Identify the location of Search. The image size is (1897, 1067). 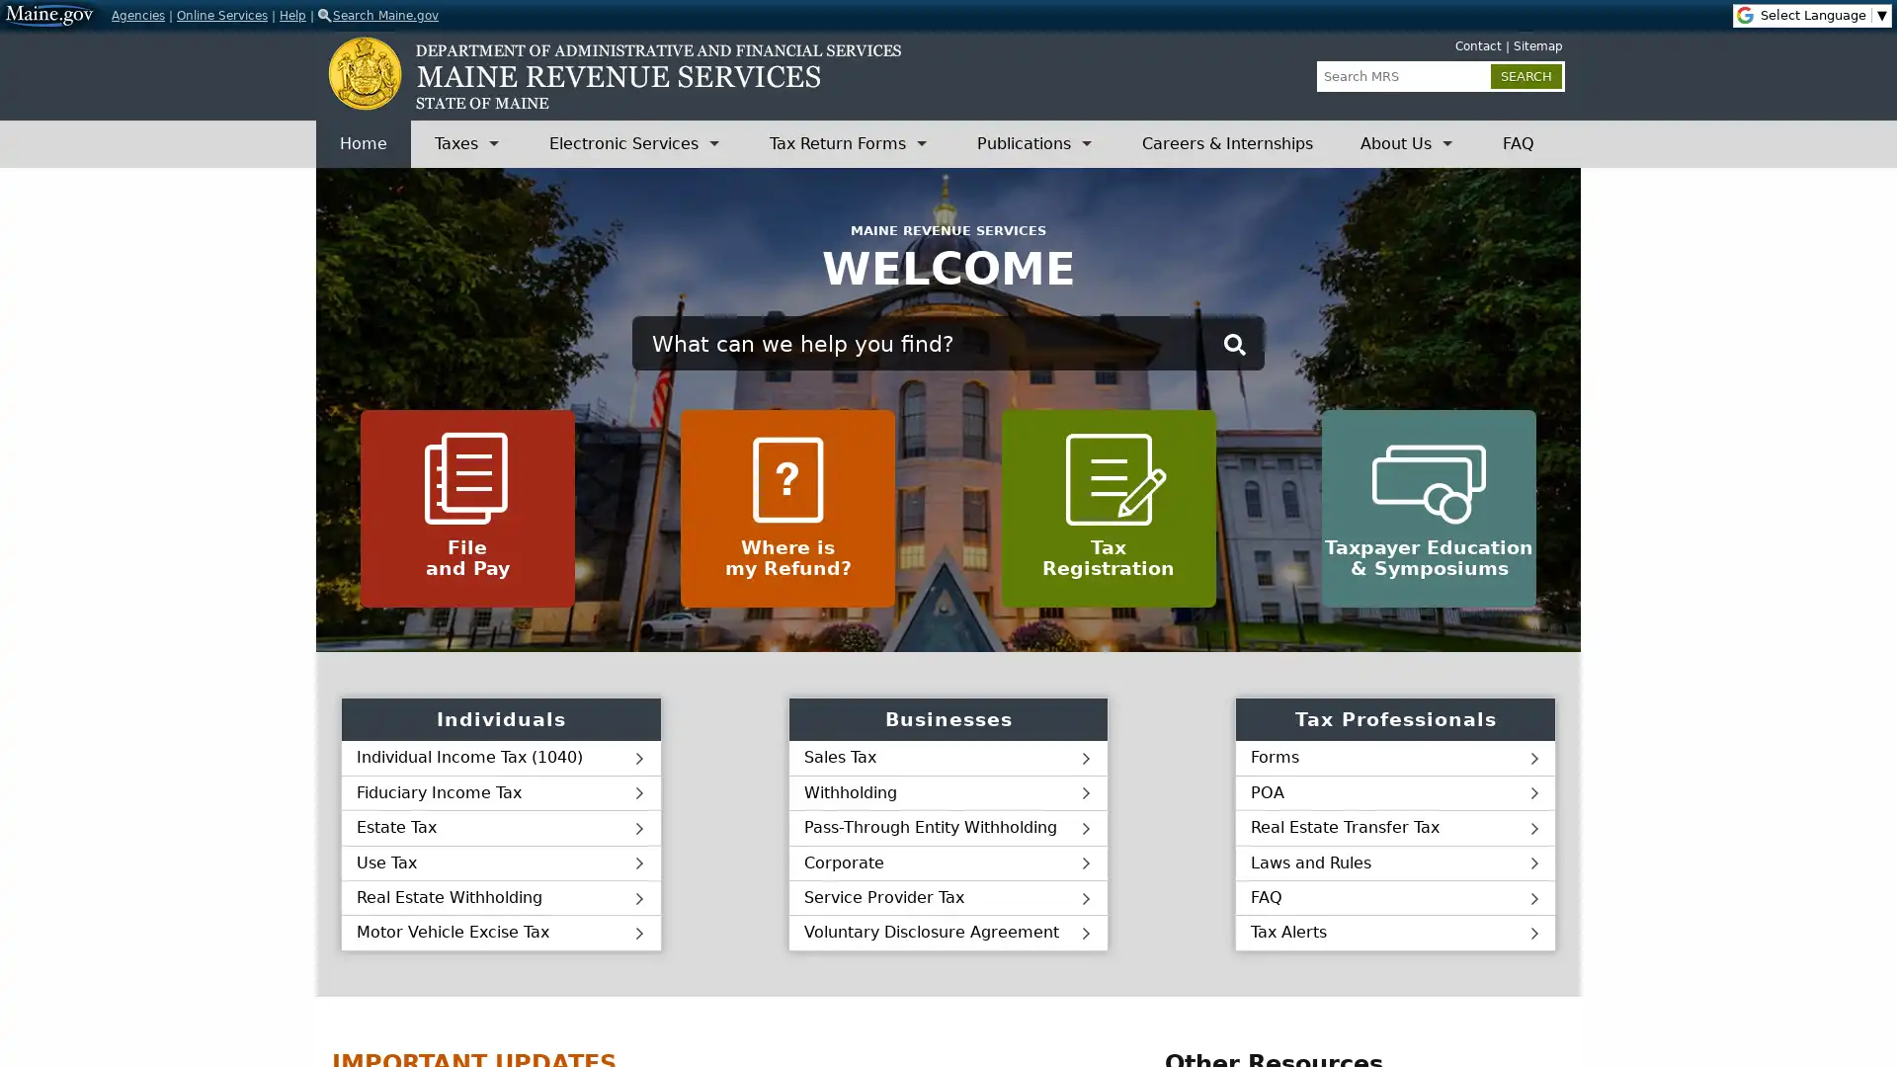
(1233, 343).